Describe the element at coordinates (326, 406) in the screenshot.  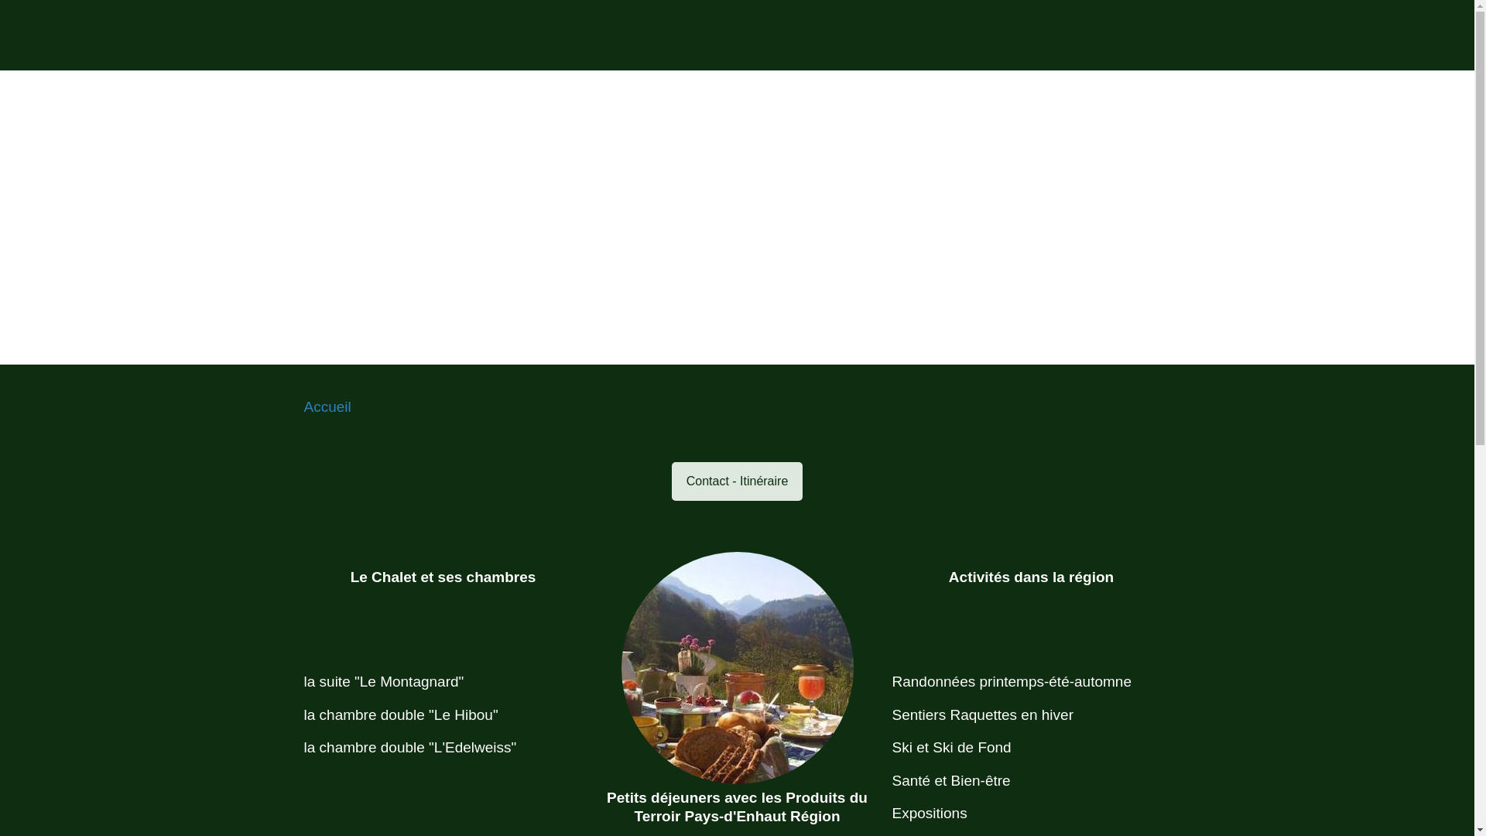
I see `'Accueil'` at that location.